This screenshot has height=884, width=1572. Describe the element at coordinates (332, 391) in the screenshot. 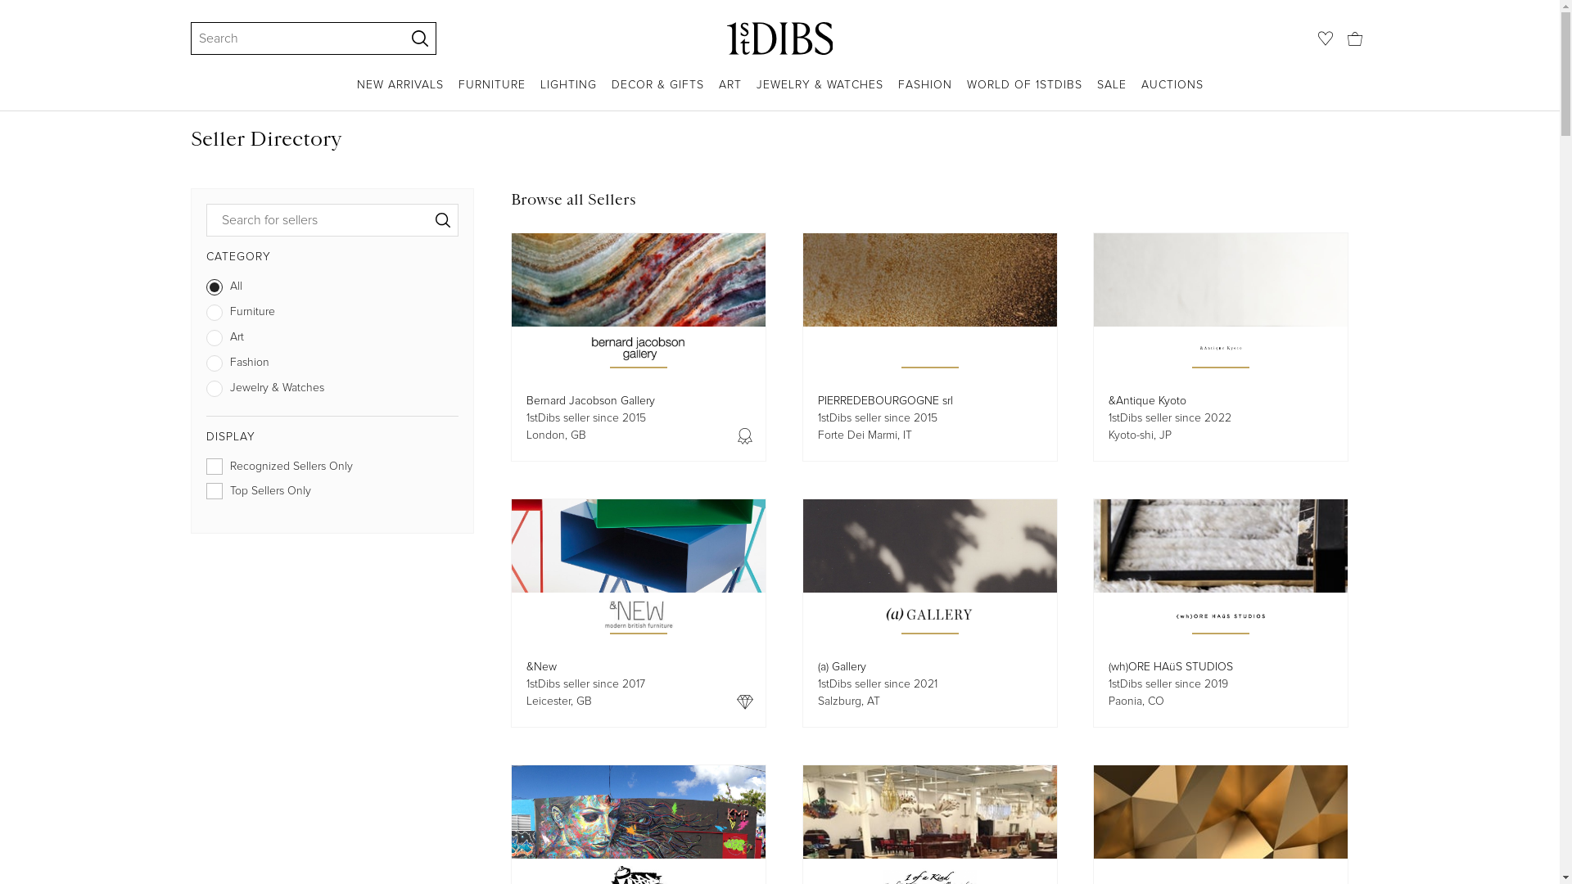

I see `'Jewelry & Watches'` at that location.